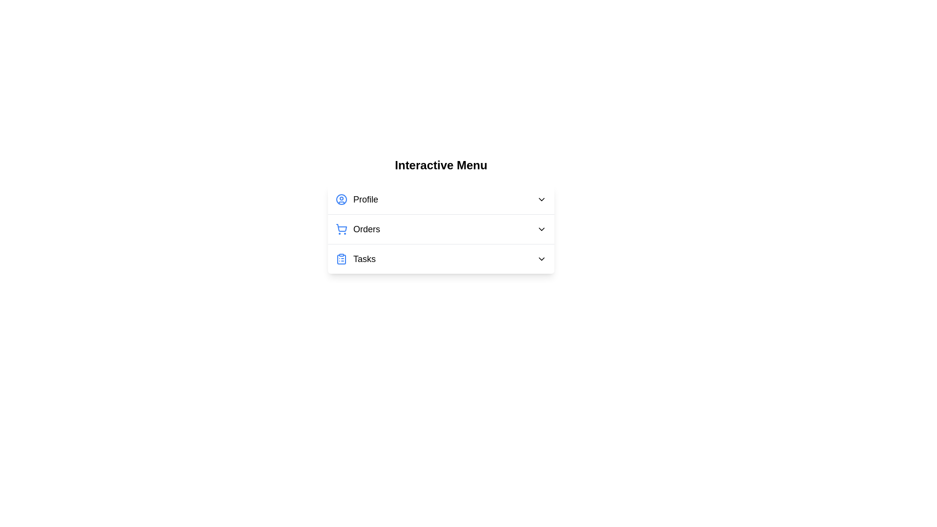 Image resolution: width=937 pixels, height=527 pixels. I want to click on the chevron icon on the far right of the 'Tasks' section, so click(541, 259).